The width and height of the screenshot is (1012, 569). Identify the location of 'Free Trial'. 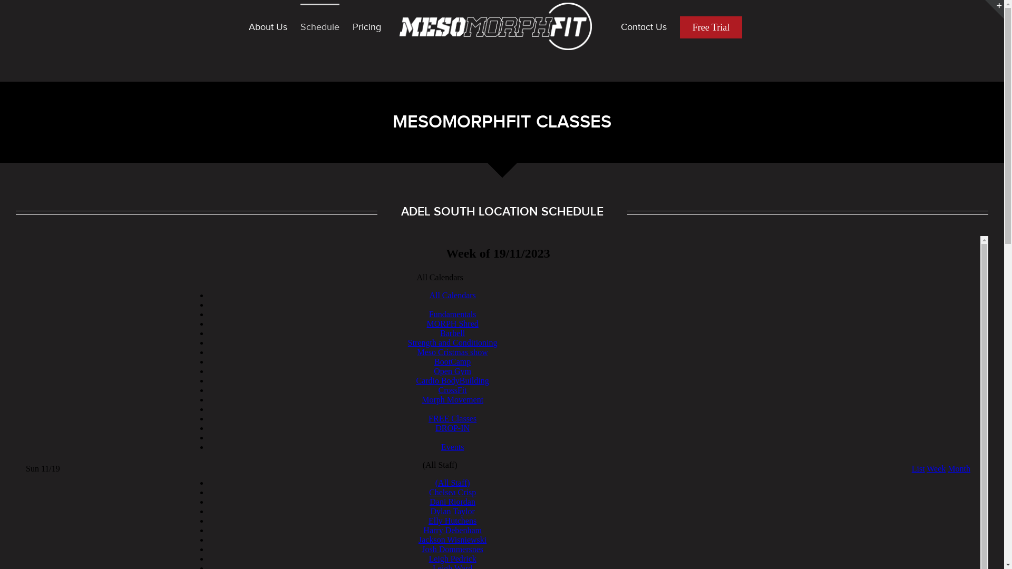
(711, 26).